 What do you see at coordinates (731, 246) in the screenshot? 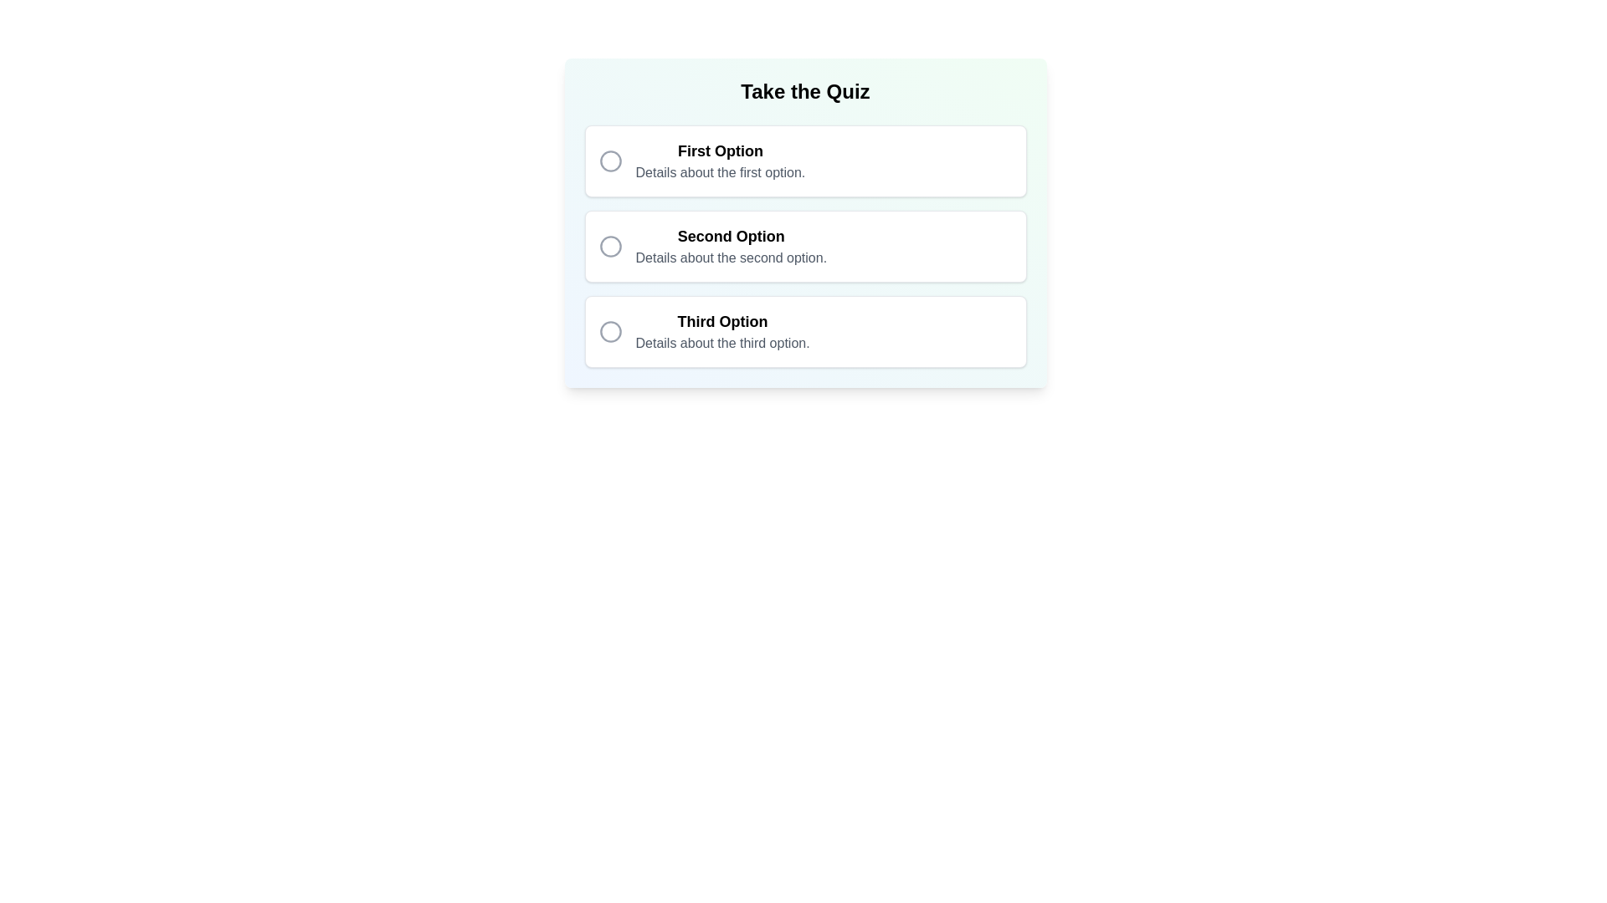
I see `the text block containing 'Second Option' and 'Details about the second option' to trigger the tooltip` at bounding box center [731, 246].